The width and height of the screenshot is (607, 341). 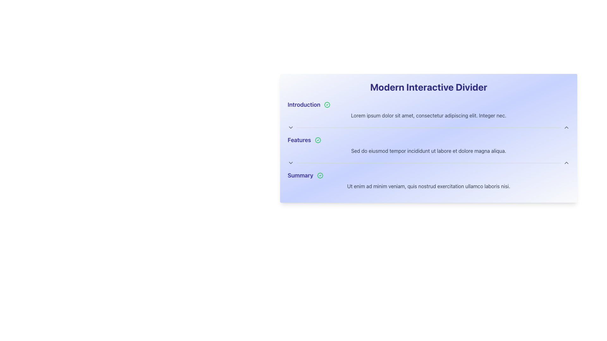 I want to click on the chevron icon located to the left of the 'Introduction' heading, so click(x=291, y=128).